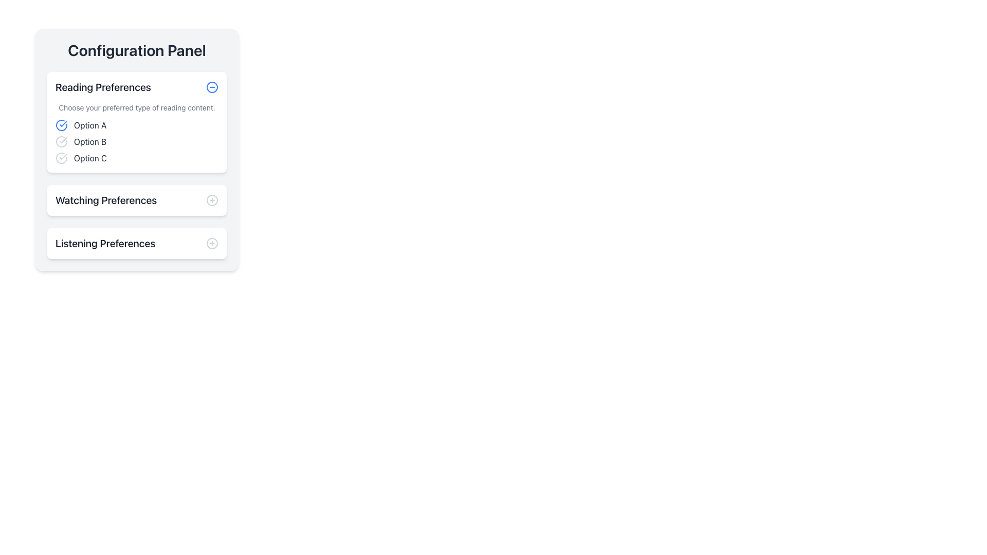  Describe the element at coordinates (61, 124) in the screenshot. I see `the state of the blue checkmark icon representing the selected state for 'Option A' in the Reading Preferences configuration panel` at that location.